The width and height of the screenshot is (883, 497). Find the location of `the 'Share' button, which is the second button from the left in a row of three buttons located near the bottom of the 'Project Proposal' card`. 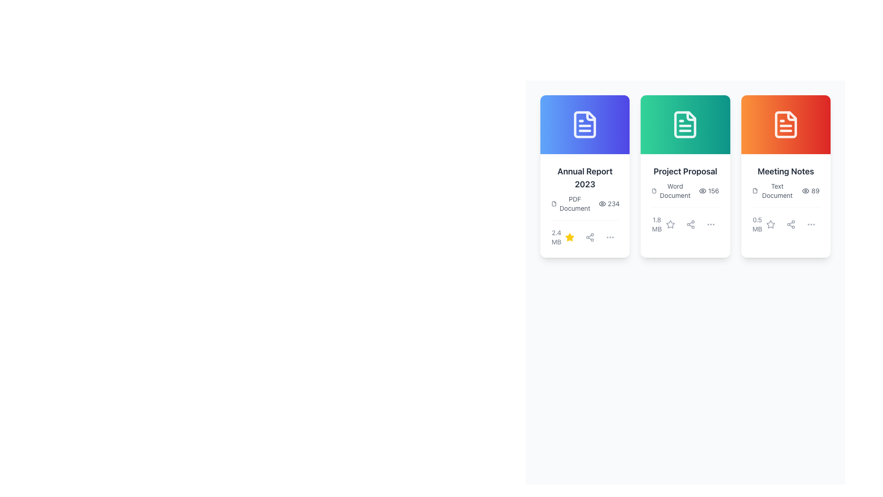

the 'Share' button, which is the second button from the left in a row of three buttons located near the bottom of the 'Project Proposal' card is located at coordinates (690, 225).